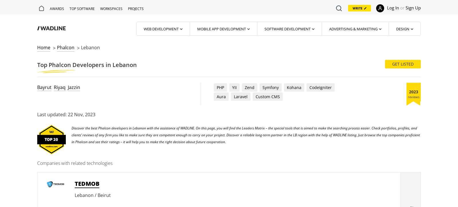  What do you see at coordinates (57, 47) in the screenshot?
I see `'Phalcon'` at bounding box center [57, 47].